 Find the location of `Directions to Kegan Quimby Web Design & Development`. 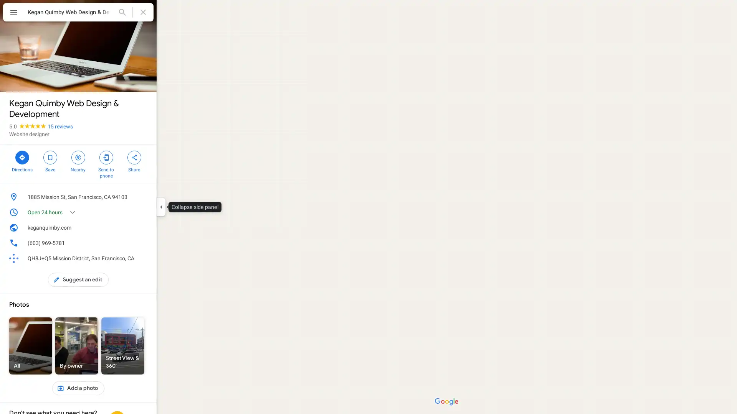

Directions to Kegan Quimby Web Design & Development is located at coordinates (22, 160).